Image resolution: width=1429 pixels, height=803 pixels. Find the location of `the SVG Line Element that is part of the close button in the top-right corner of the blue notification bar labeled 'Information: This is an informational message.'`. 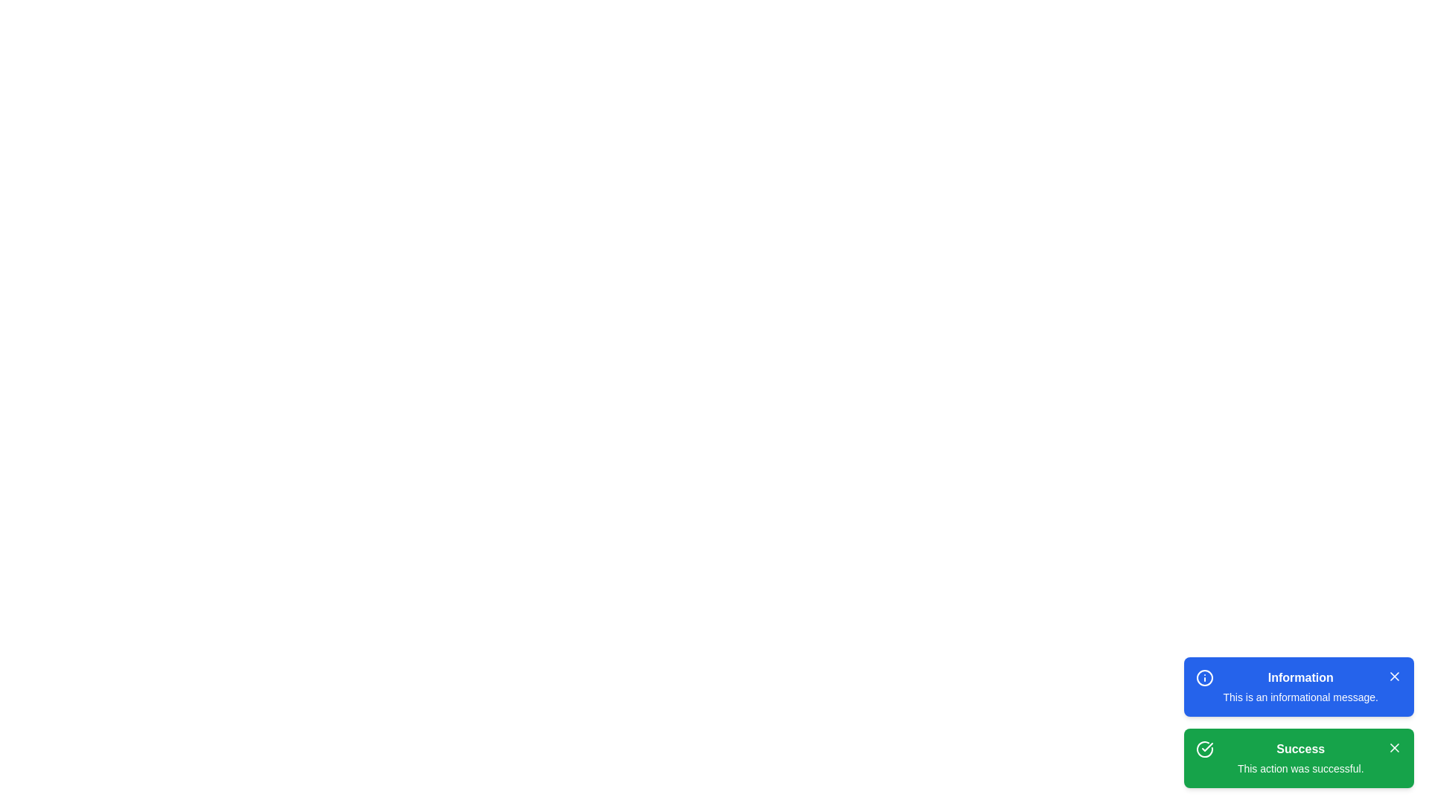

the SVG Line Element that is part of the close button in the top-right corner of the blue notification bar labeled 'Information: This is an informational message.' is located at coordinates (1393, 677).